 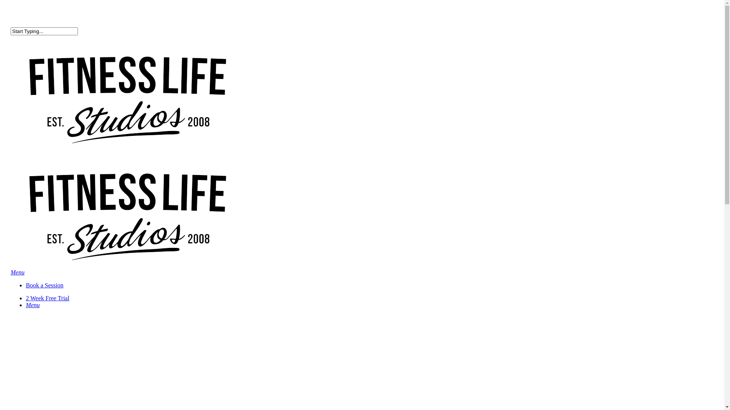 What do you see at coordinates (47, 298) in the screenshot?
I see `'2 Week Free Trial'` at bounding box center [47, 298].